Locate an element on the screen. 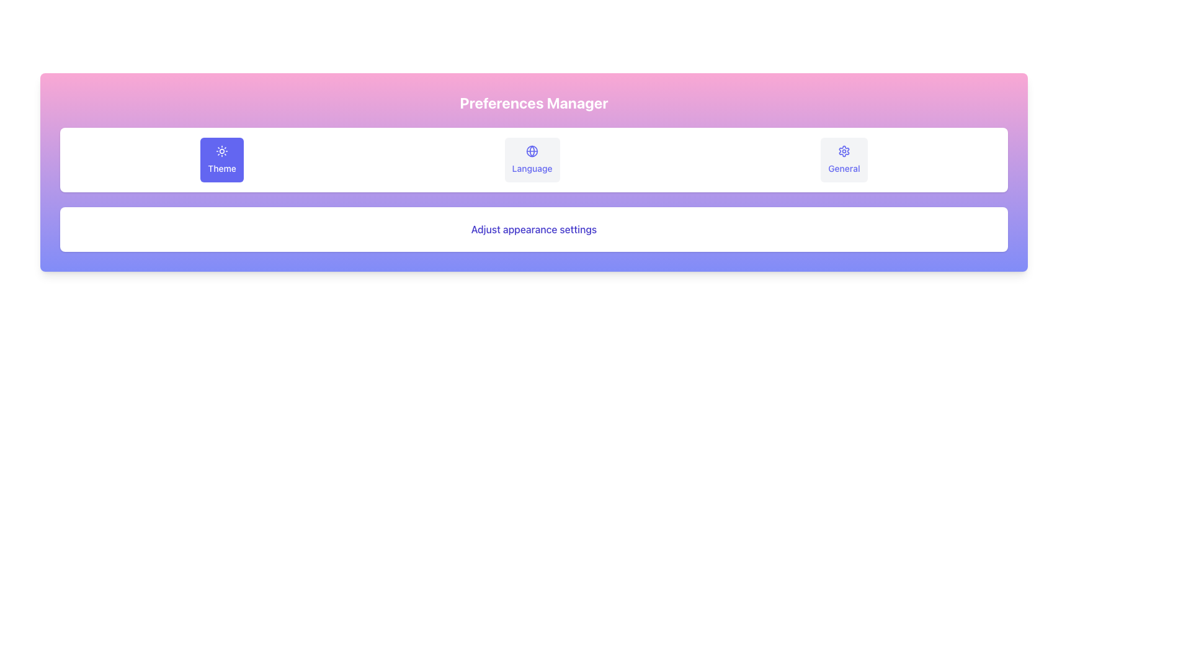  the rightmost rectangular button labeled 'General' with a blue gear icon above it is located at coordinates (844, 159).